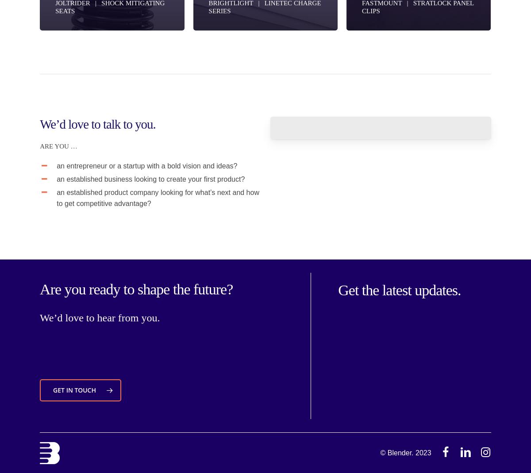 This screenshot has width=531, height=473. I want to click on 'Get the latest updates.', so click(399, 290).